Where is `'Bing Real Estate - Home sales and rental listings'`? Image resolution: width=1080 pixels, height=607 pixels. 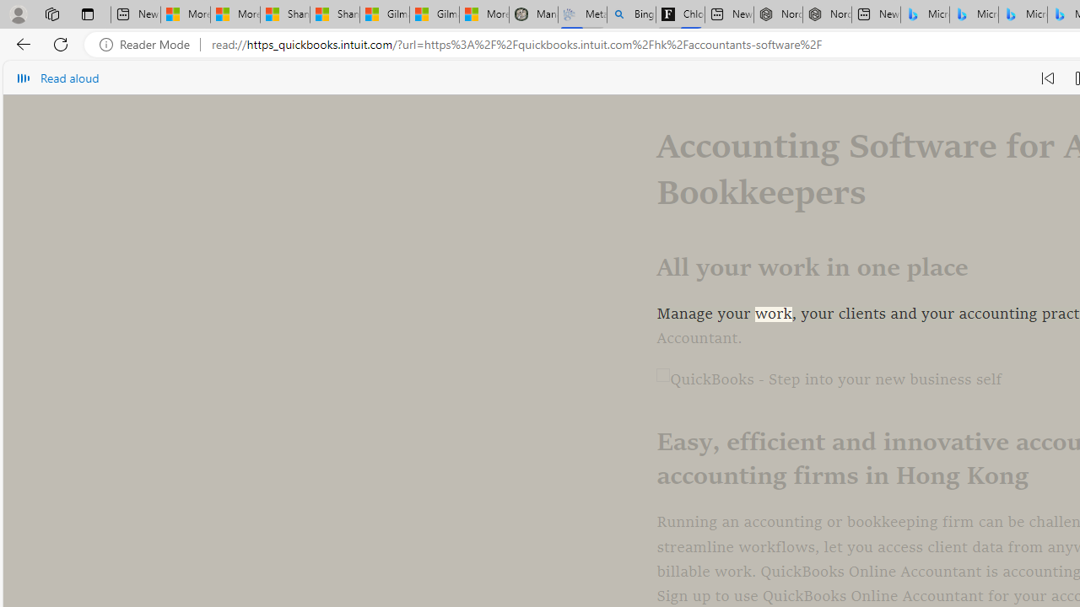
'Bing Real Estate - Home sales and rental listings' is located at coordinates (630, 14).